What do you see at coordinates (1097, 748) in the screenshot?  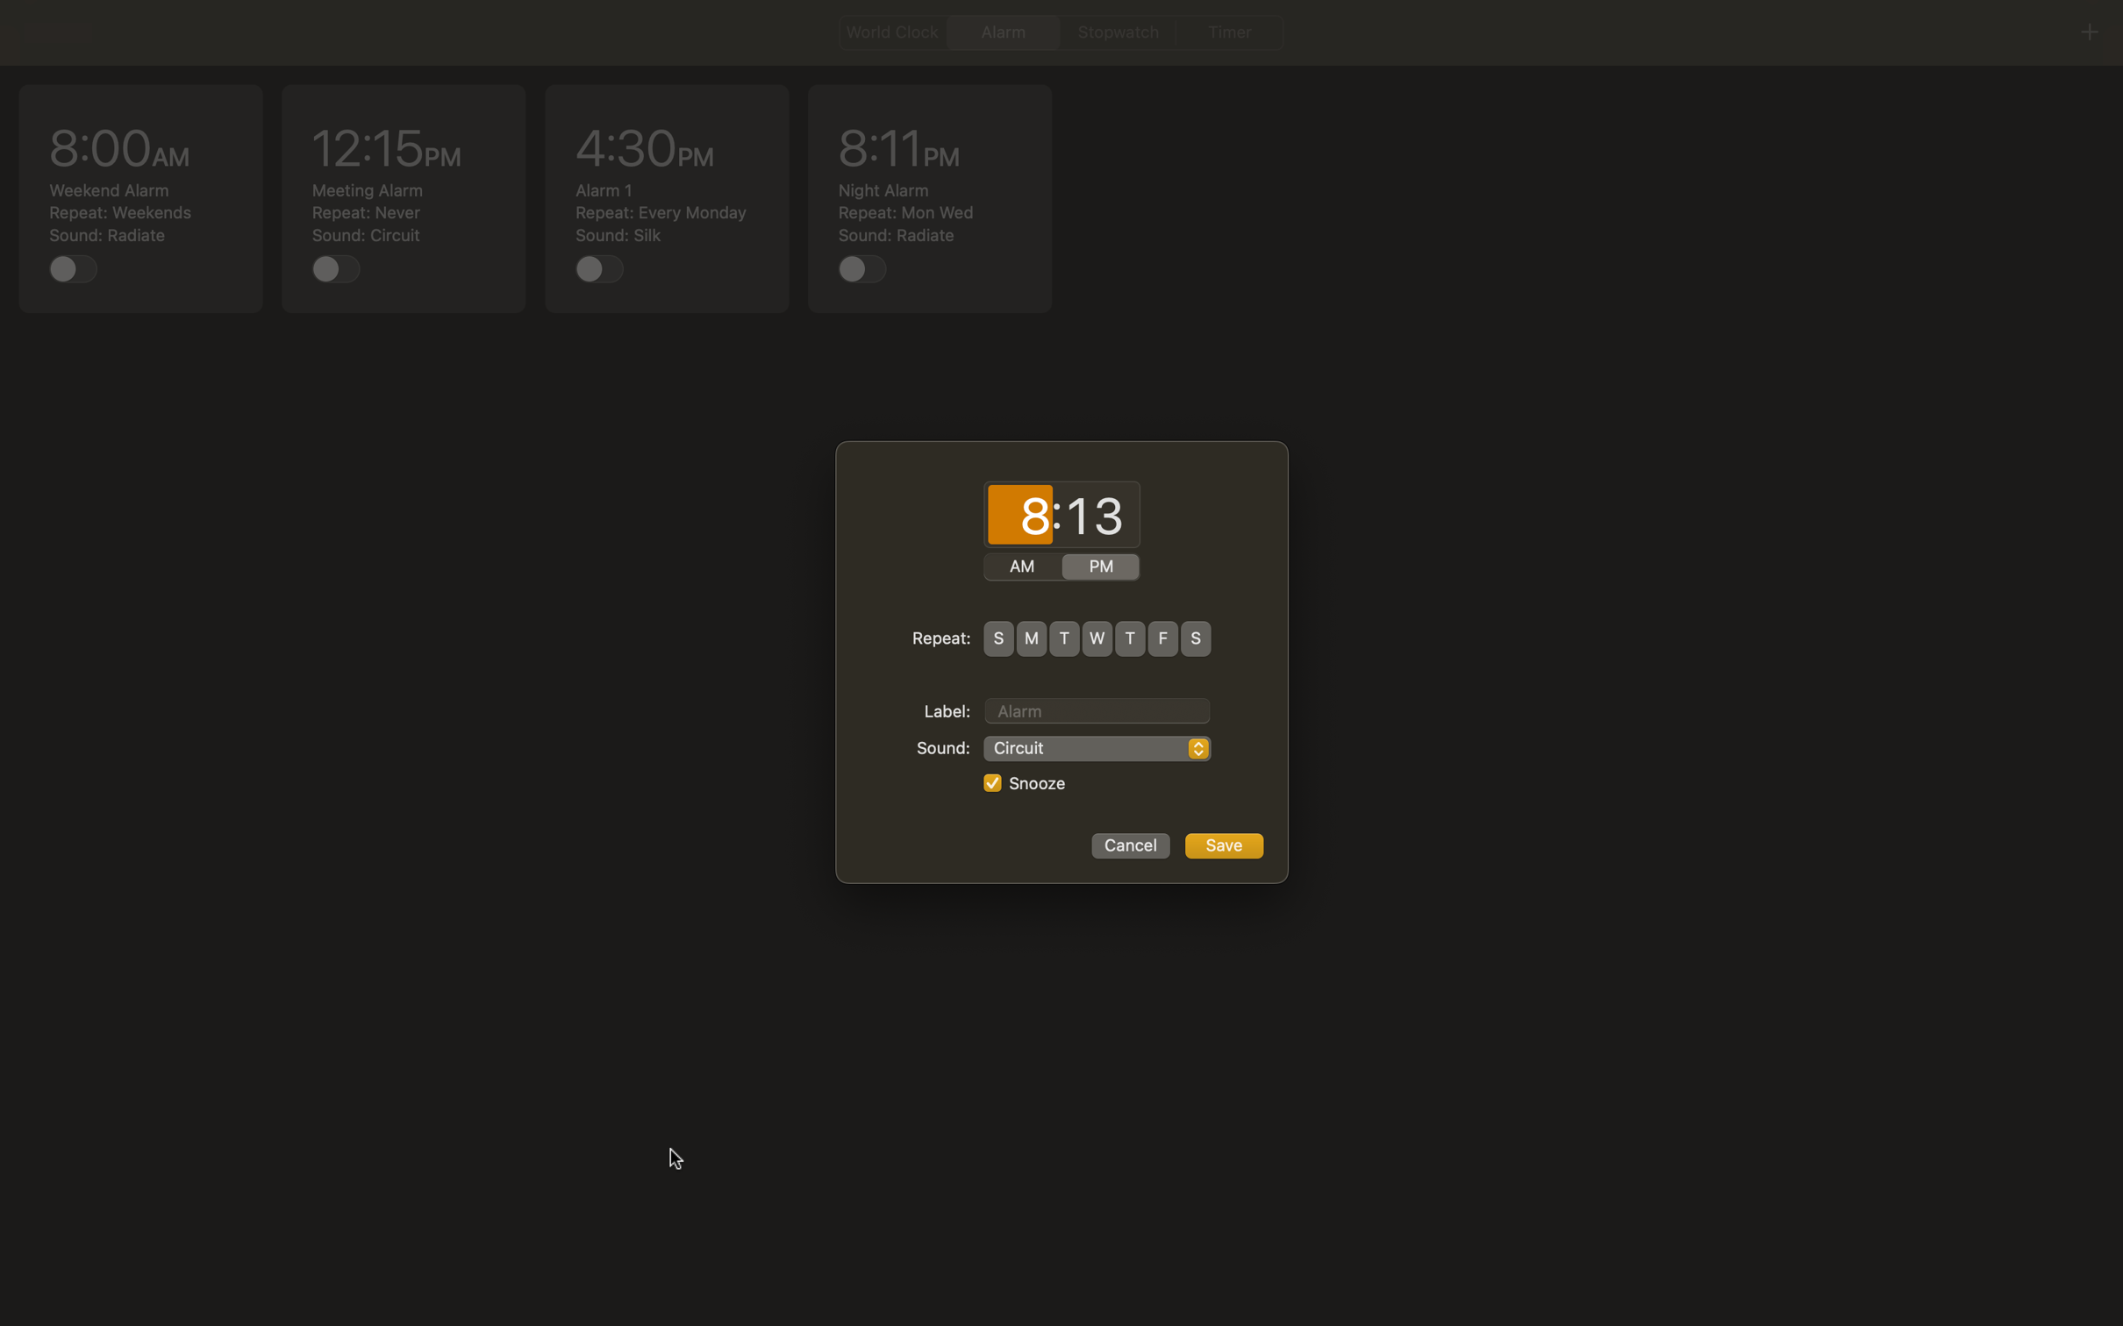 I see `"Nature Sounds" from sound options` at bounding box center [1097, 748].